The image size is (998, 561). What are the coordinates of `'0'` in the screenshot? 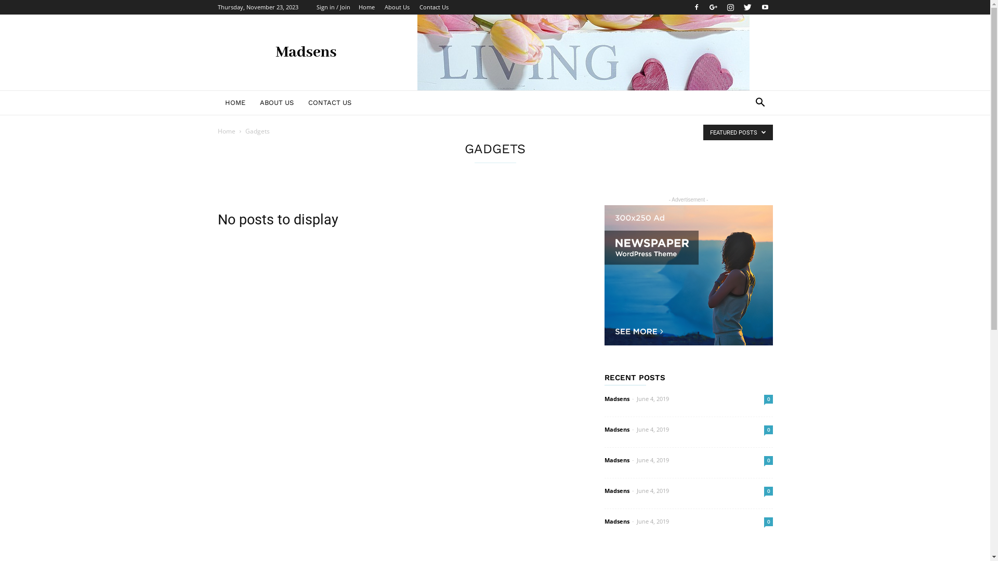 It's located at (764, 398).